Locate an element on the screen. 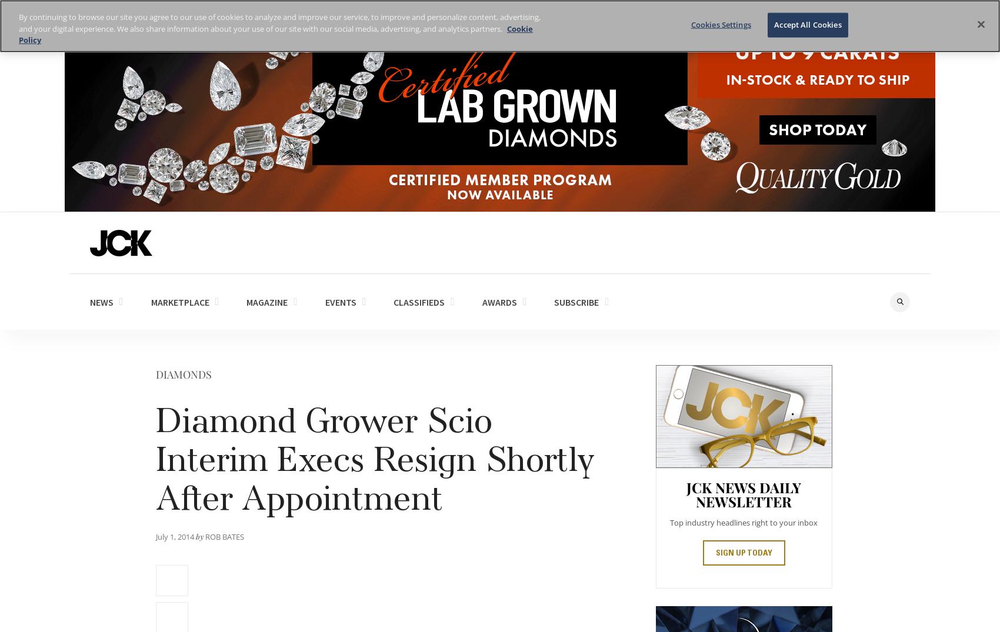 This screenshot has width=1000, height=632. 'CLASSIFIEDS' is located at coordinates (419, 300).